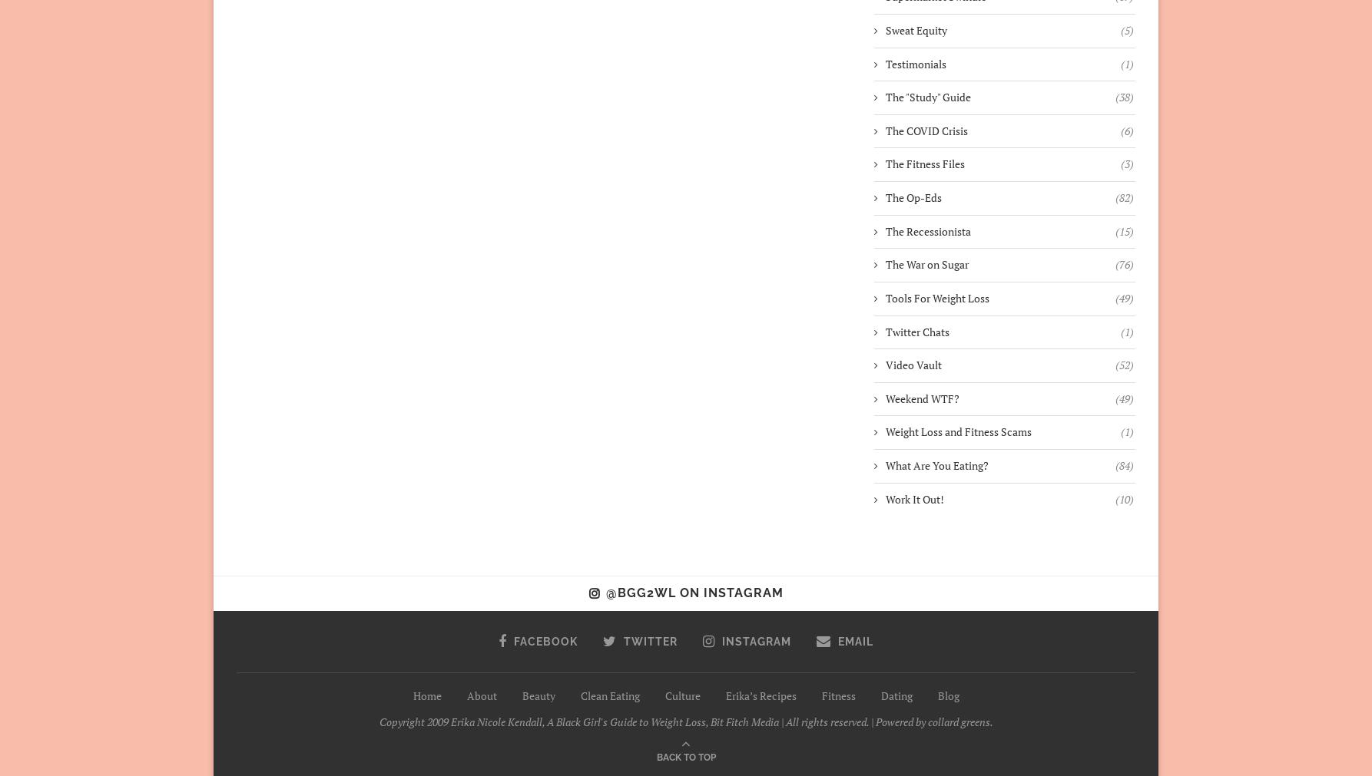 The height and width of the screenshot is (776, 1372). I want to click on 'Culture', so click(681, 695).